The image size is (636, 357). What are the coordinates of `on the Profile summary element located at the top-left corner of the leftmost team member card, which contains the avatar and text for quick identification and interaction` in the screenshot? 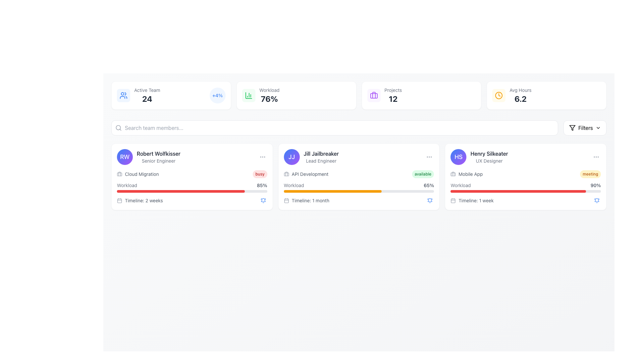 It's located at (148, 157).